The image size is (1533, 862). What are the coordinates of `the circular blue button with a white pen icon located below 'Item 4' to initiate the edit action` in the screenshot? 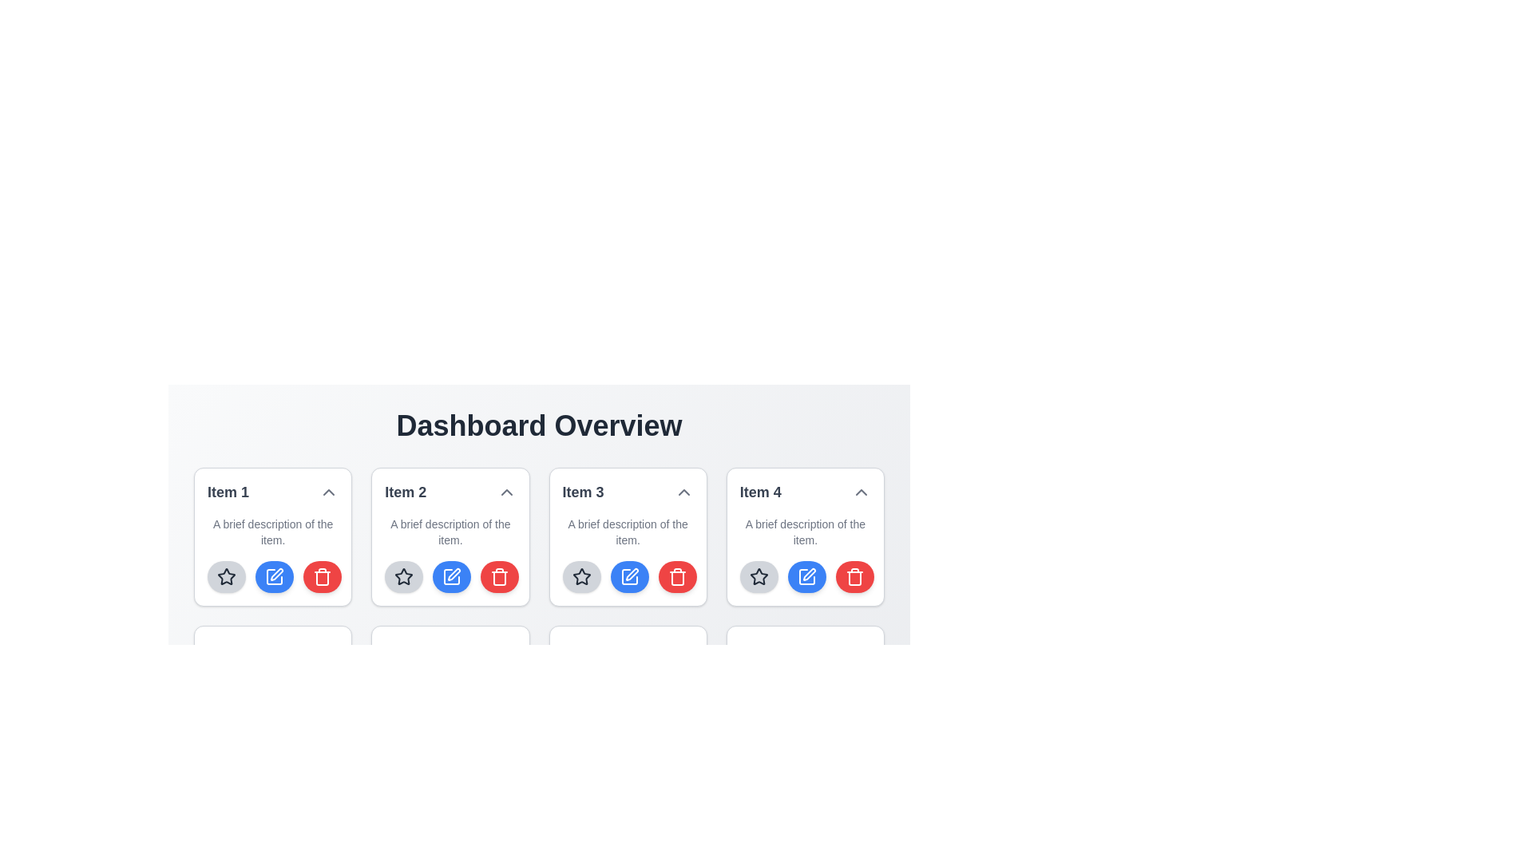 It's located at (805, 576).